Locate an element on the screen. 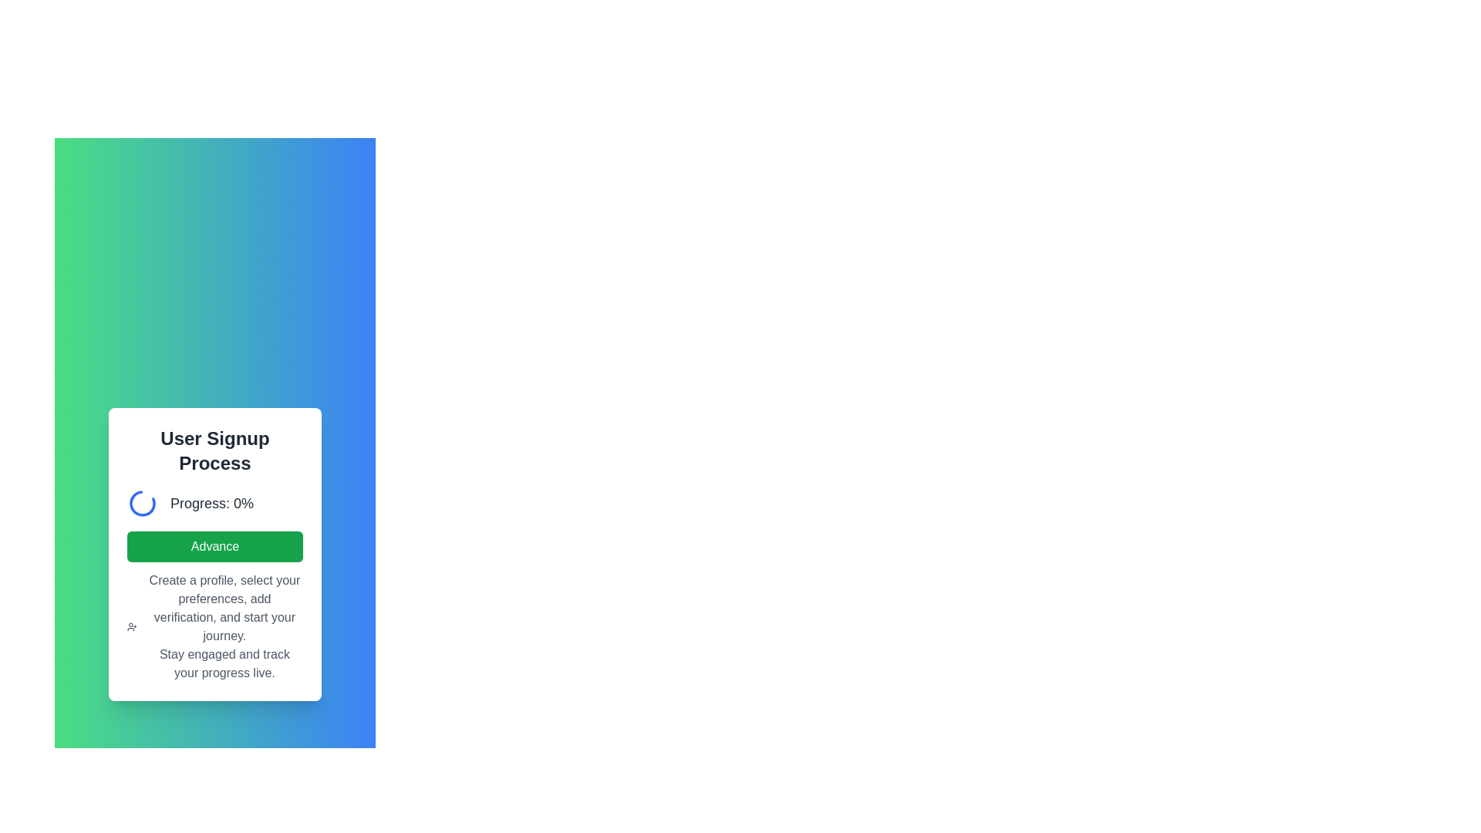 The width and height of the screenshot is (1481, 833). the circular, spinning loader icon with a blue stroke color, located to the left of the text labeled 'Progress: 0%' in the card layout is located at coordinates (143, 503).